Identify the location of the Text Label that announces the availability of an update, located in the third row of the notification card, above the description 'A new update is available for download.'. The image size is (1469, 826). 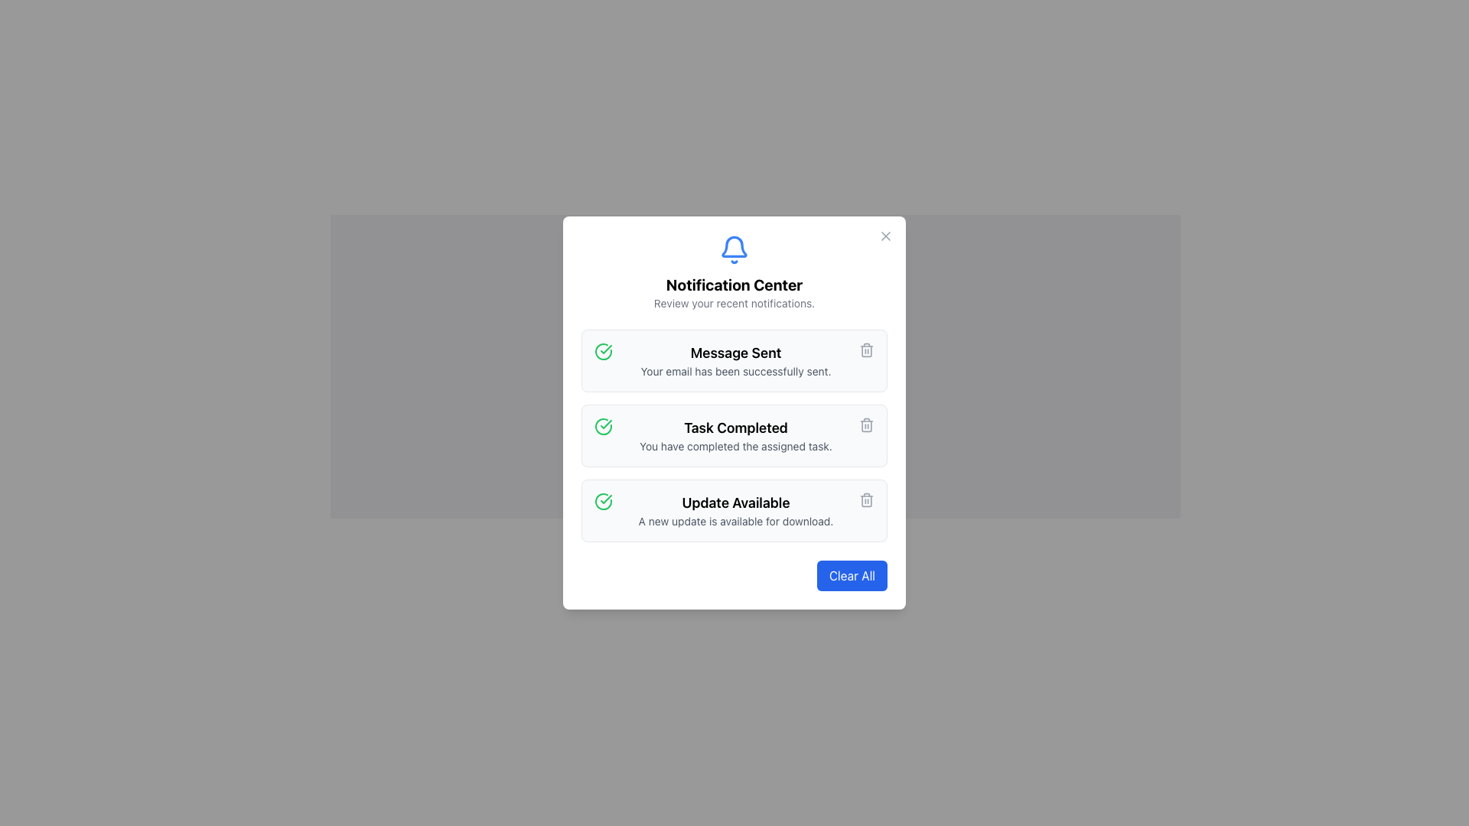
(735, 503).